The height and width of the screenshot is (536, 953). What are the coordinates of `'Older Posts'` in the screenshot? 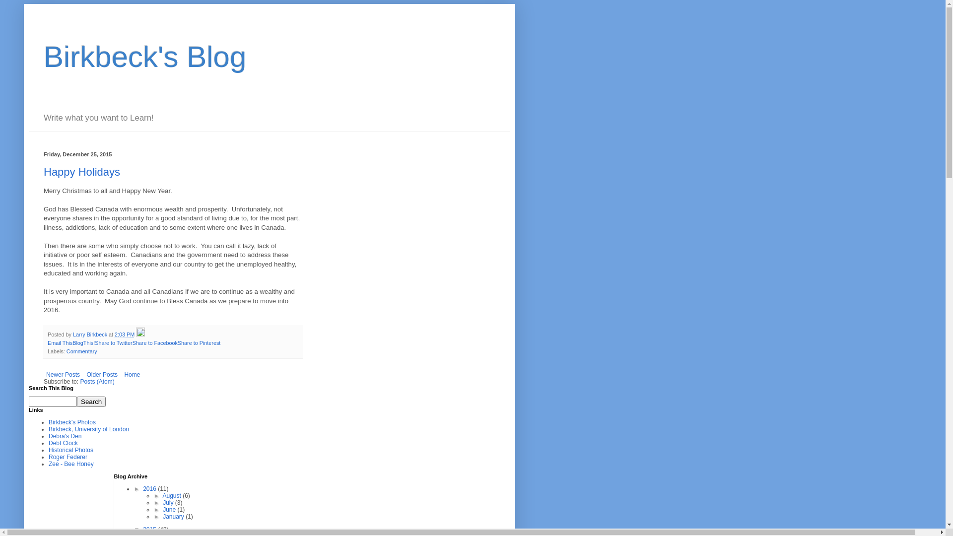 It's located at (102, 375).